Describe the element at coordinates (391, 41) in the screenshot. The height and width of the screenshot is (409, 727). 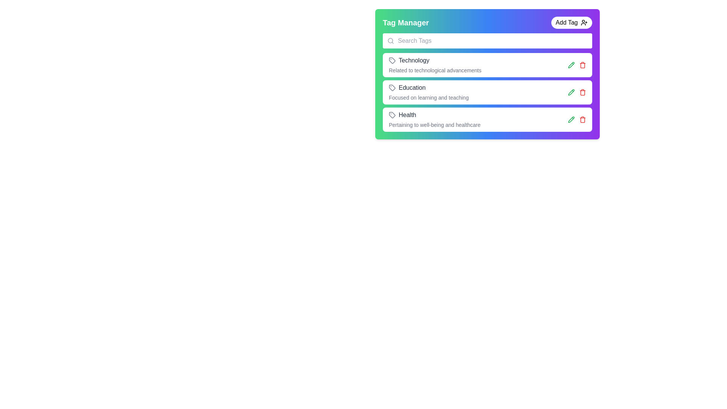
I see `the search magnifier SVG icon located at the leftmost section of the search bar` at that location.